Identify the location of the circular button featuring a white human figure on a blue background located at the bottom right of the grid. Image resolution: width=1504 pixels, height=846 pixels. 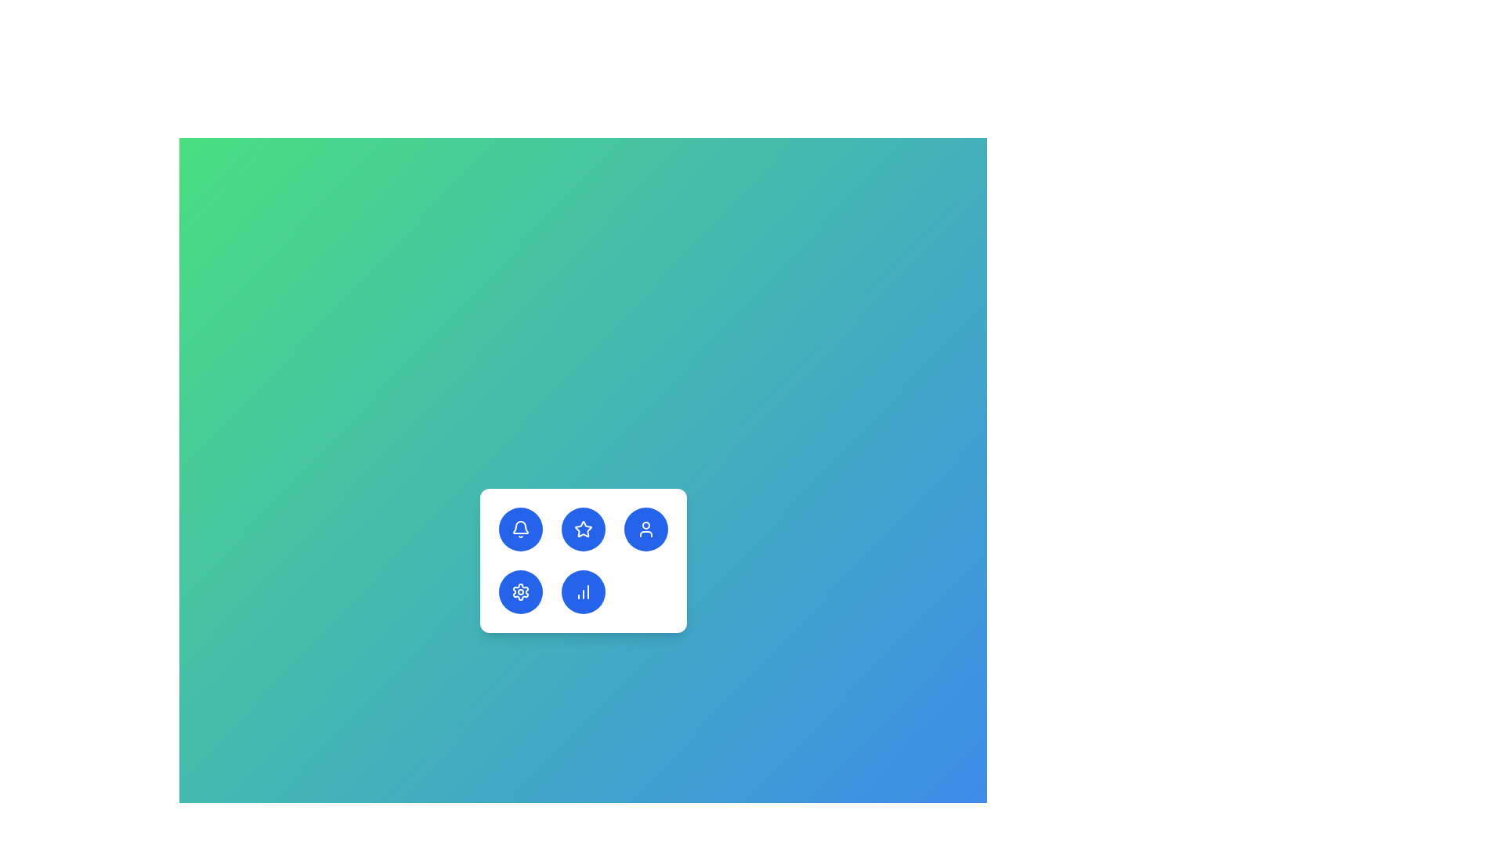
(645, 529).